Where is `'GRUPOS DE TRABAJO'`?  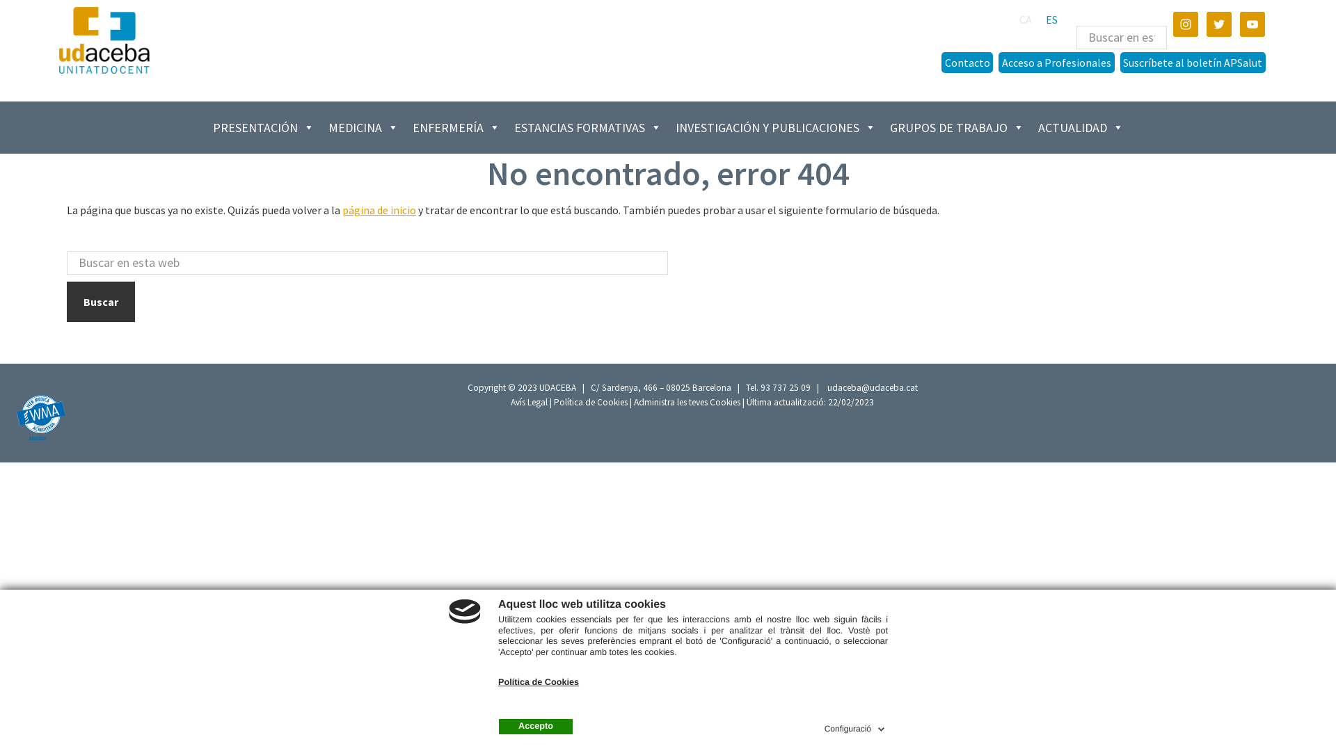
'GRUPOS DE TRABAJO' is located at coordinates (881, 127).